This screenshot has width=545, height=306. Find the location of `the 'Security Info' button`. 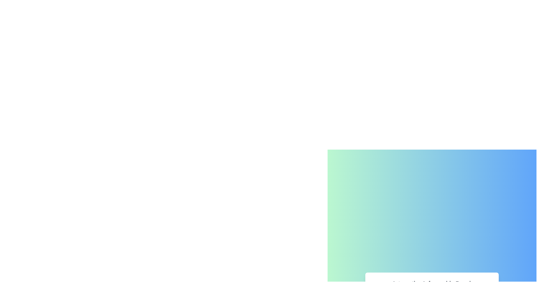

the 'Security Info' button is located at coordinates (393, 295).